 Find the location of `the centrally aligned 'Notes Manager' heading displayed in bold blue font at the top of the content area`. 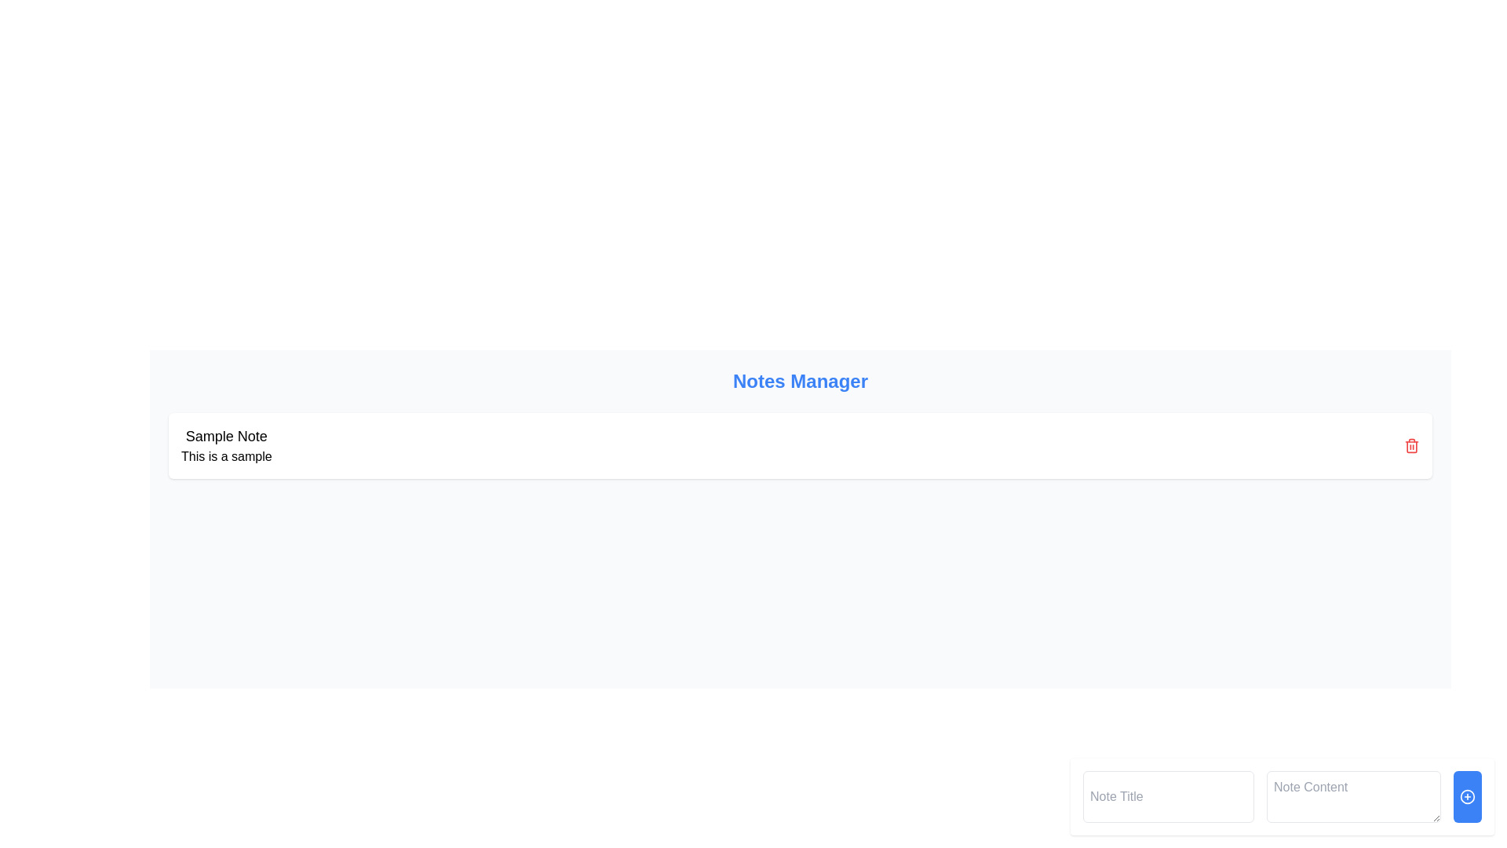

the centrally aligned 'Notes Manager' heading displayed in bold blue font at the top of the content area is located at coordinates (800, 382).